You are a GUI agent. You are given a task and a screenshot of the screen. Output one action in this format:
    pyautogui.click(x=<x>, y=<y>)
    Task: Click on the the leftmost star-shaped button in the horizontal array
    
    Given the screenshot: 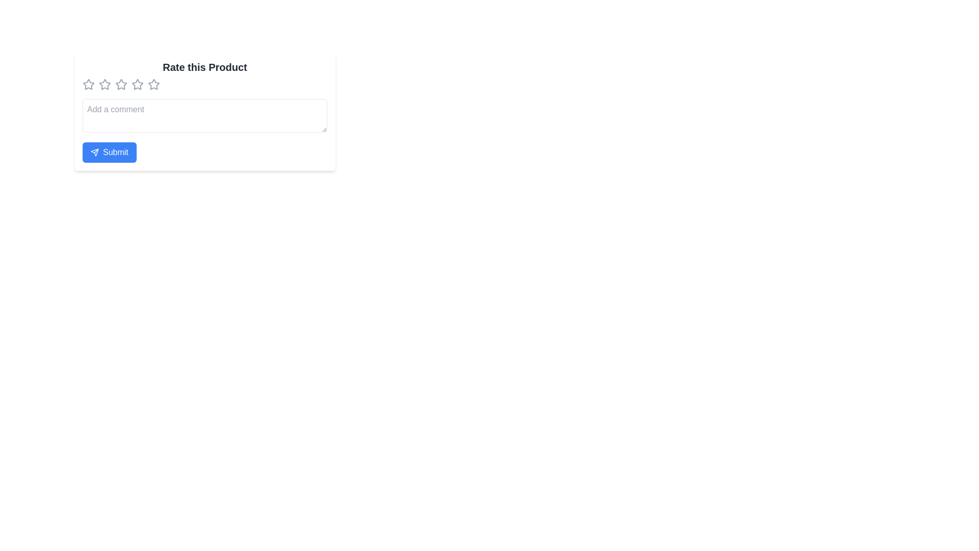 What is the action you would take?
    pyautogui.click(x=88, y=84)
    